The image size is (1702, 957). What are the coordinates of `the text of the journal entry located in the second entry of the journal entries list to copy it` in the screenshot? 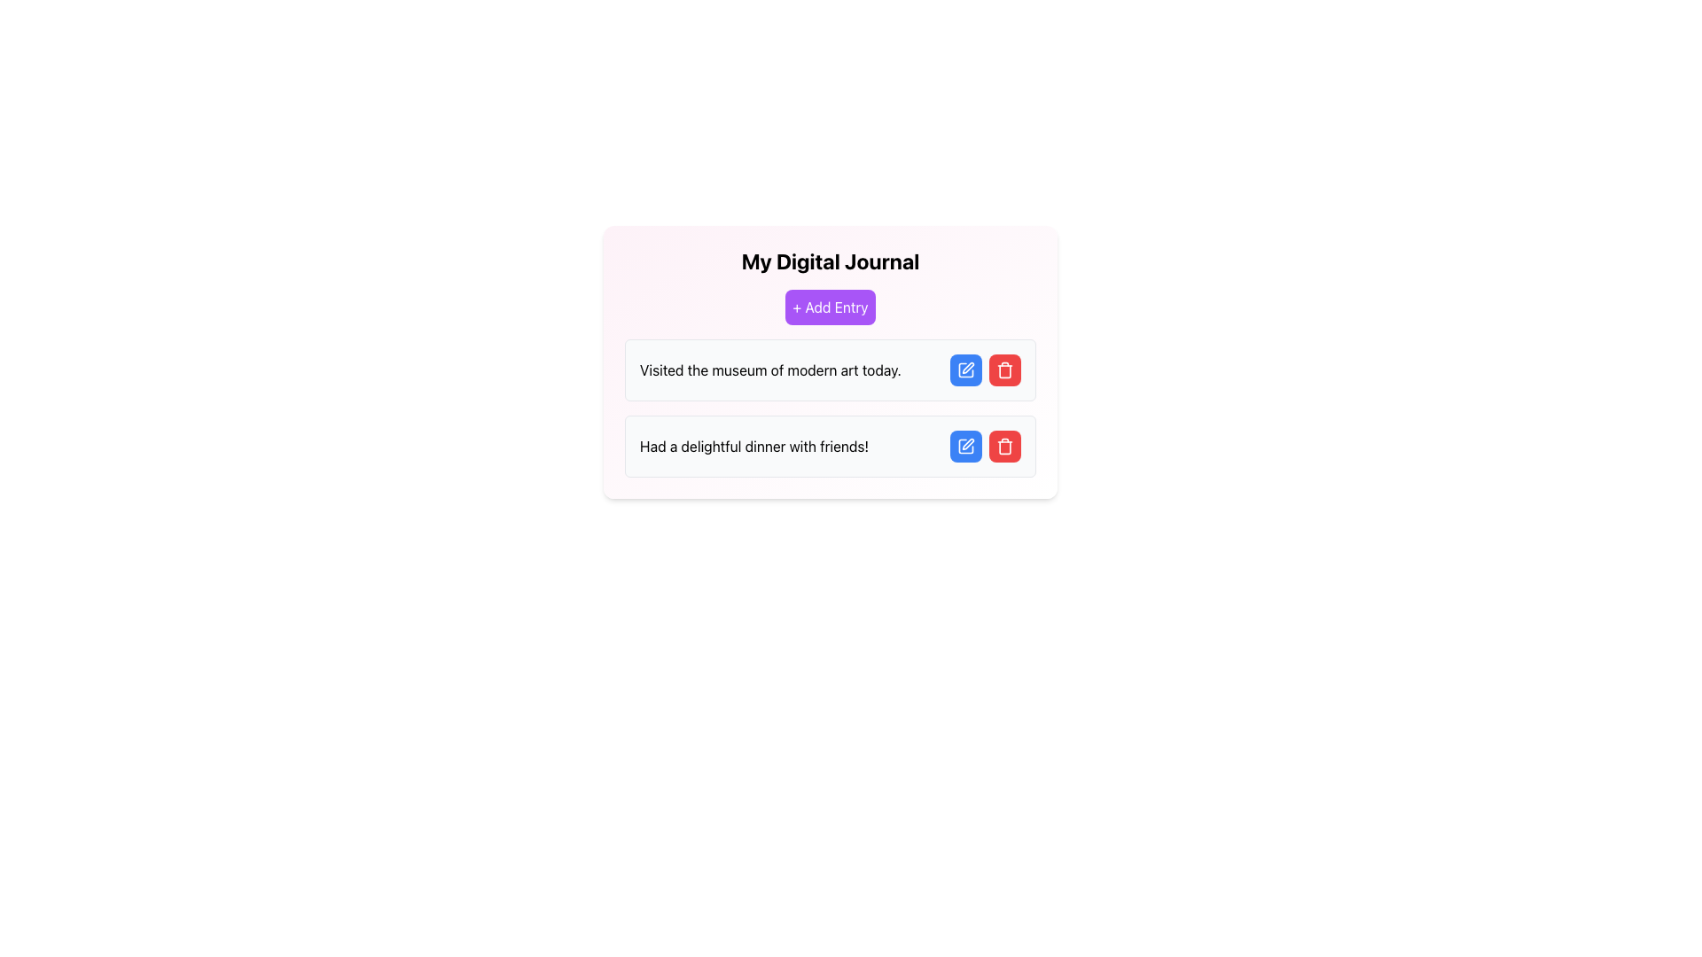 It's located at (754, 446).